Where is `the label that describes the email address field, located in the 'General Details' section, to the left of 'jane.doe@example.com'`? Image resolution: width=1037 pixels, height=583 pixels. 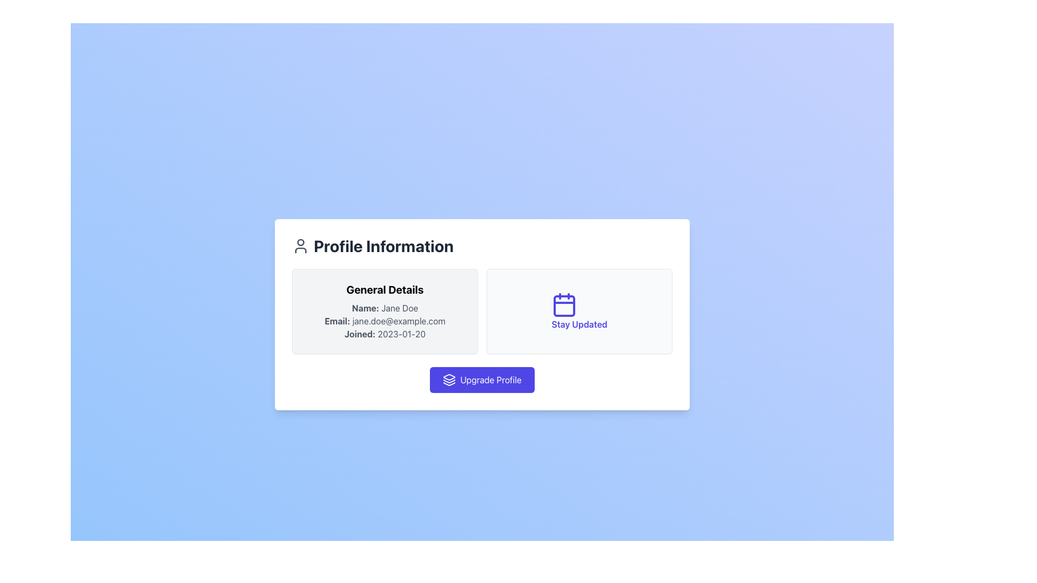
the label that describes the email address field, located in the 'General Details' section, to the left of 'jane.doe@example.com' is located at coordinates (336, 320).